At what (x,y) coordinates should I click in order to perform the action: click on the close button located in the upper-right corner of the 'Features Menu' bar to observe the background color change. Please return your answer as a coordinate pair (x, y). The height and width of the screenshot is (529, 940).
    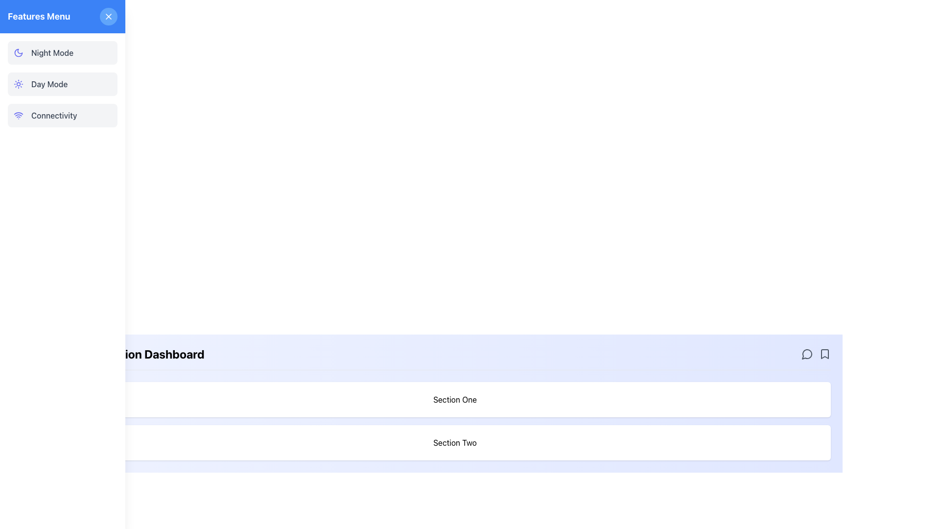
    Looking at the image, I should click on (108, 17).